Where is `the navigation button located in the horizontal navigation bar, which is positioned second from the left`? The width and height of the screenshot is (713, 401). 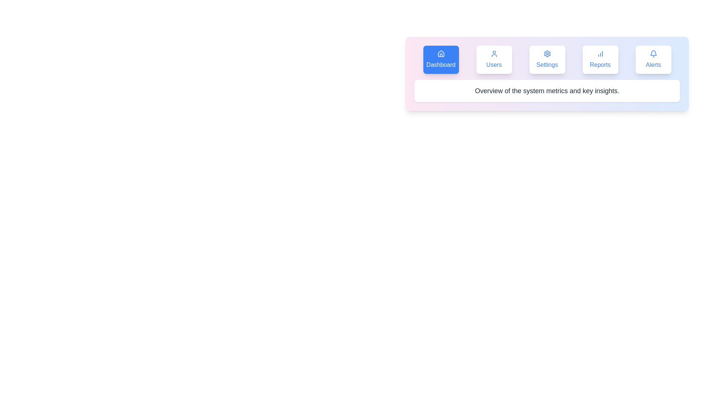 the navigation button located in the horizontal navigation bar, which is positioned second from the left is located at coordinates (494, 59).